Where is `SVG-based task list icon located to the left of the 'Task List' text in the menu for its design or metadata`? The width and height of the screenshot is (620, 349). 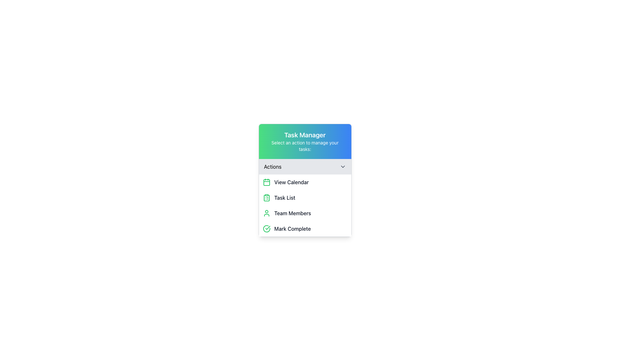 SVG-based task list icon located to the left of the 'Task List' text in the menu for its design or metadata is located at coordinates (266, 197).